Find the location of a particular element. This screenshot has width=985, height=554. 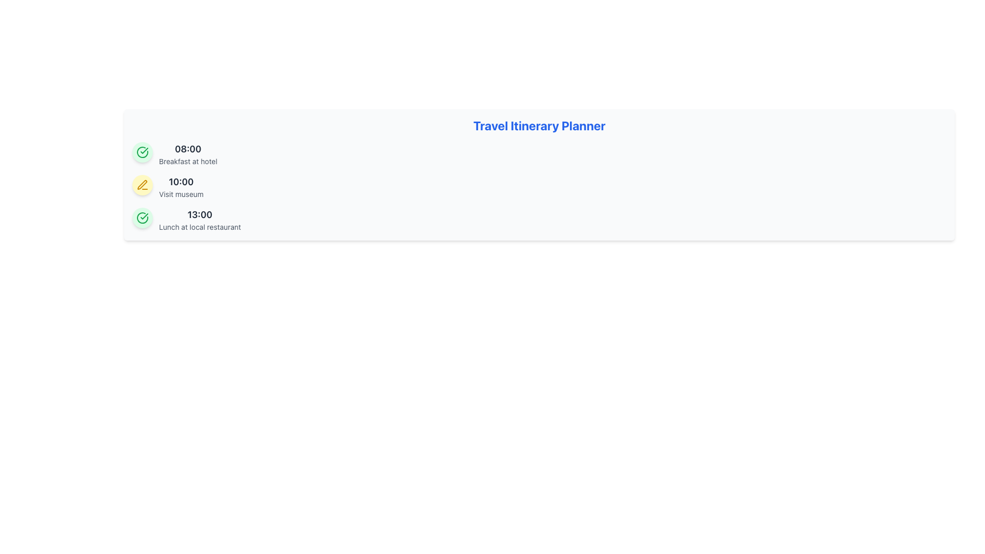

the status indicator icon located to the left of the text entry '13:00 Lunch at local restaurant' in the third row of the scheduled items list is located at coordinates (142, 217).